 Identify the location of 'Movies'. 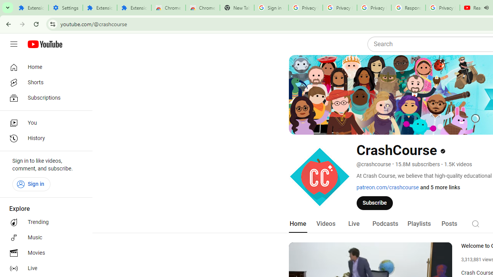
(43, 253).